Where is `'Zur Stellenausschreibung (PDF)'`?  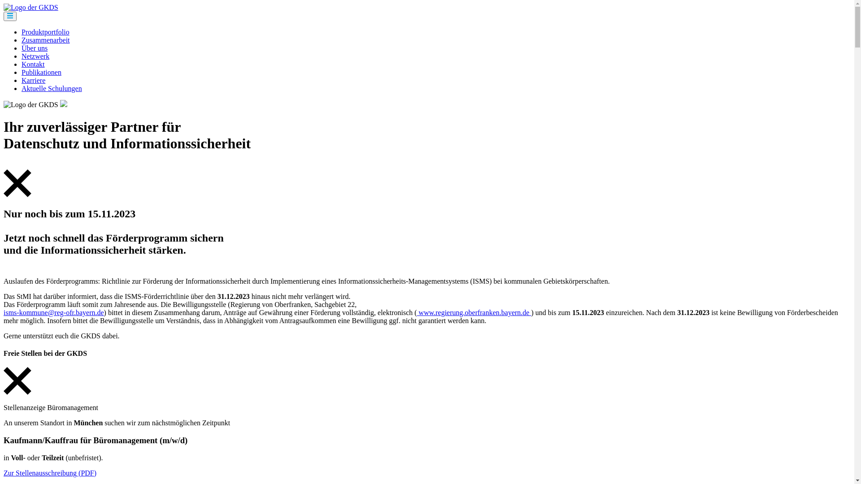
'Zur Stellenausschreibung (PDF)' is located at coordinates (49, 472).